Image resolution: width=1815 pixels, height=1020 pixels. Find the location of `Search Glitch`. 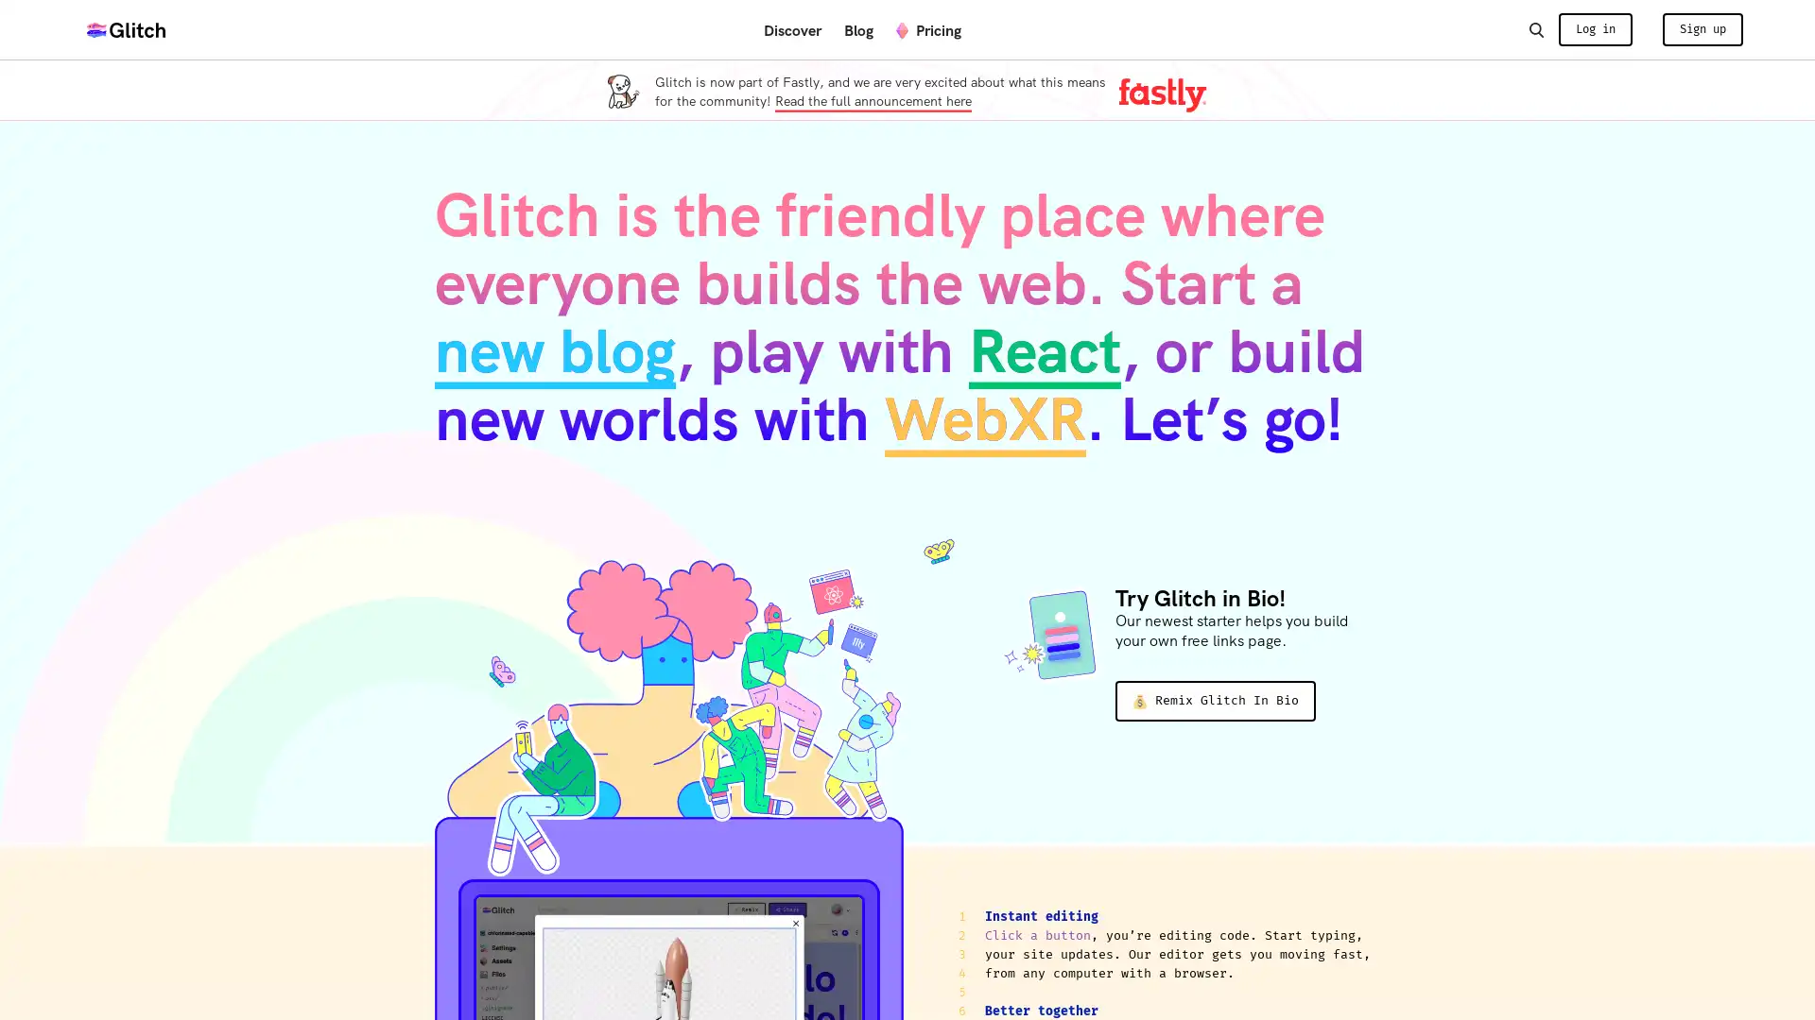

Search Glitch is located at coordinates (1535, 28).